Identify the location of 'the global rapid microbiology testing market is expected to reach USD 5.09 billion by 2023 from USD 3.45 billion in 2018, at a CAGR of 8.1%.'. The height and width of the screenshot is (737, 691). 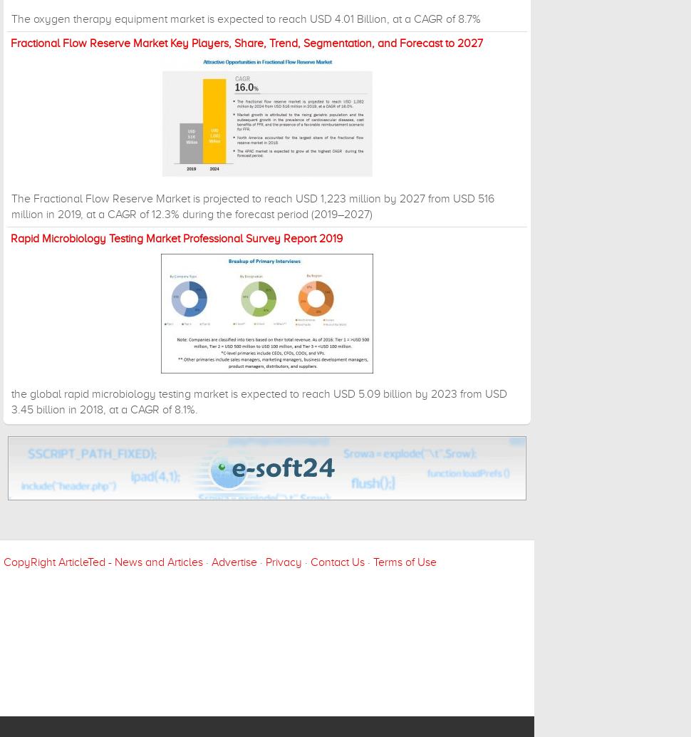
(259, 401).